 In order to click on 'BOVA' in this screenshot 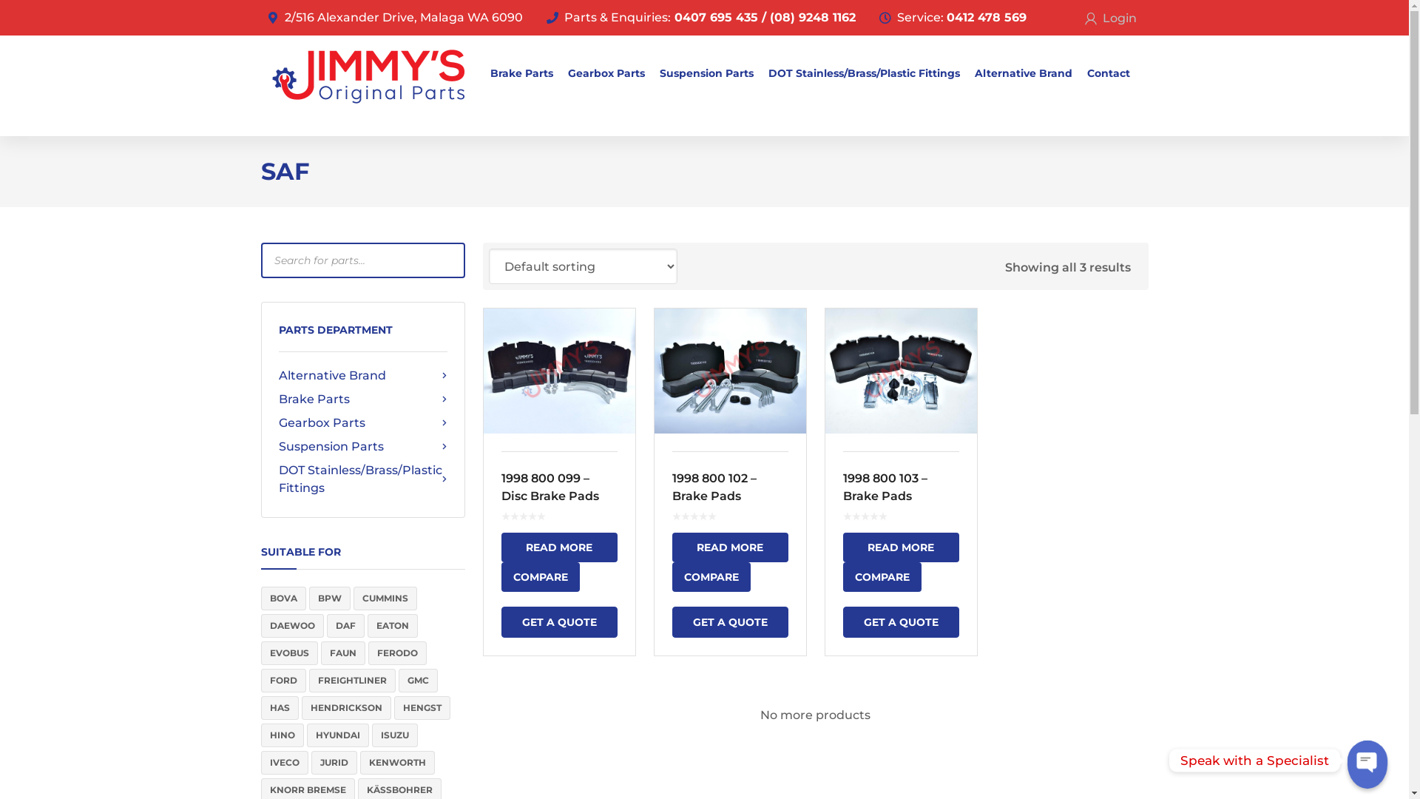, I will do `click(283, 598)`.